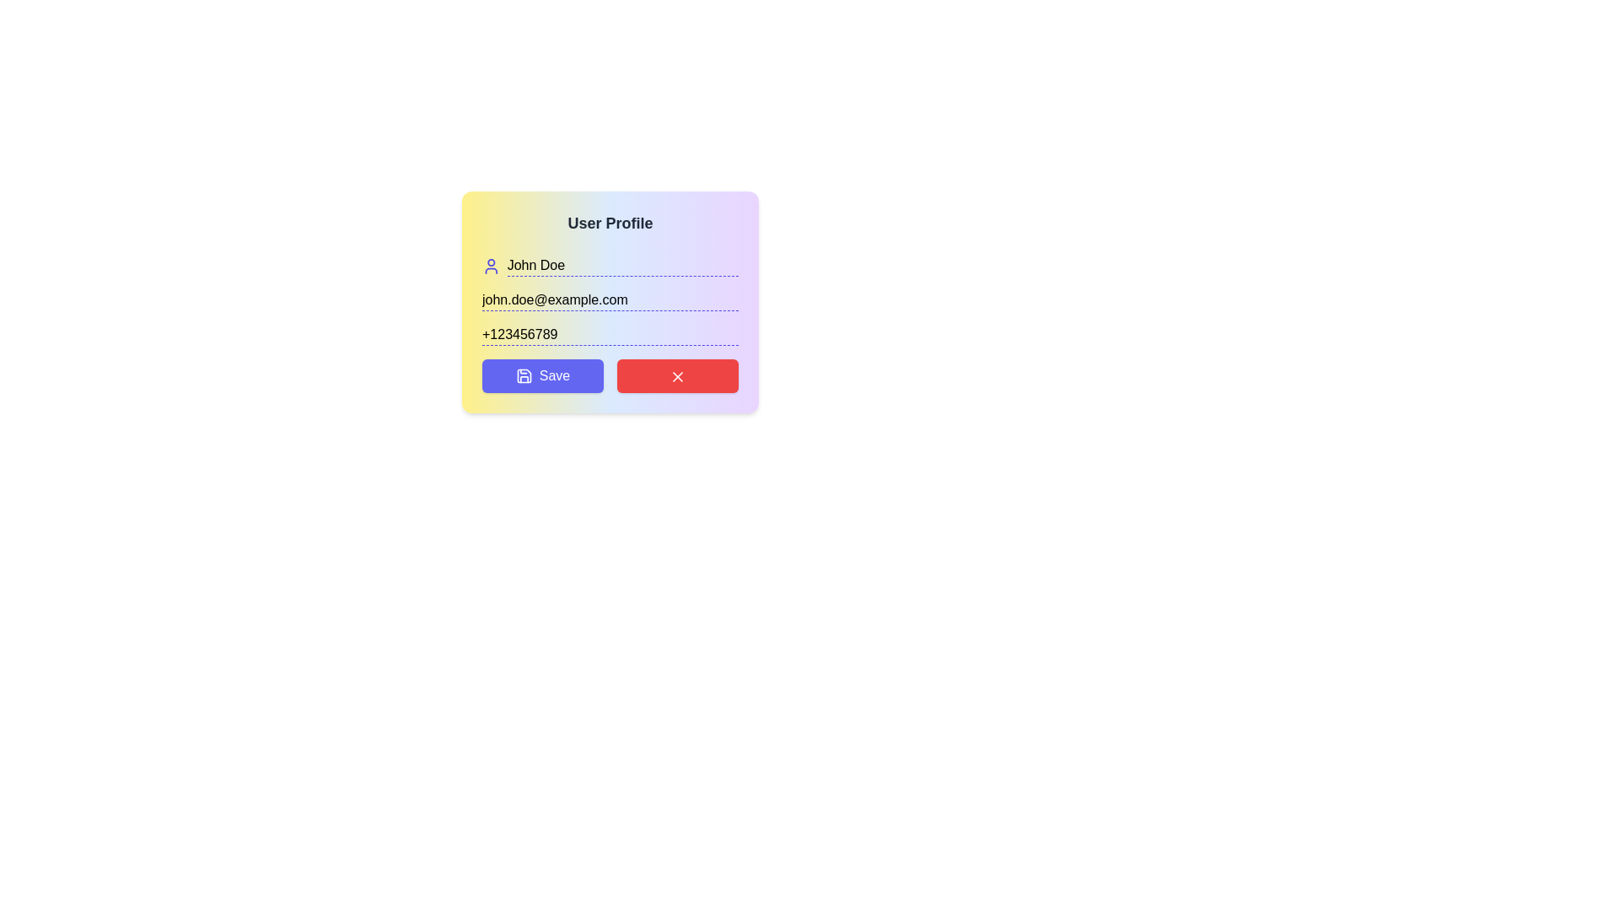 The height and width of the screenshot is (911, 1619). Describe the element at coordinates (610, 301) in the screenshot. I see `the email input text field, which is the second input field in the form located below the 'John Doe' text field and above the '+123456789' text field` at that location.